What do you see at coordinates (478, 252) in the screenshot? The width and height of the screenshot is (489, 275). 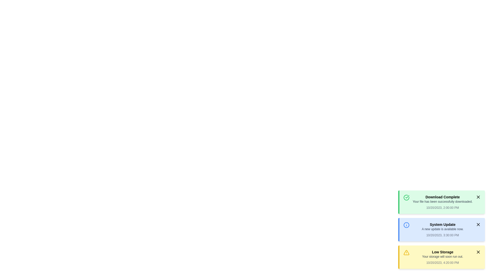 I see `the close button icon resembling an 'X' at the top-right corner of the yellow notification box indicating low storage to change its color to red` at bounding box center [478, 252].